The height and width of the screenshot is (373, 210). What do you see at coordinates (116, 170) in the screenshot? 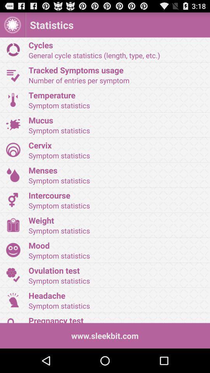
I see `the menses item` at bounding box center [116, 170].